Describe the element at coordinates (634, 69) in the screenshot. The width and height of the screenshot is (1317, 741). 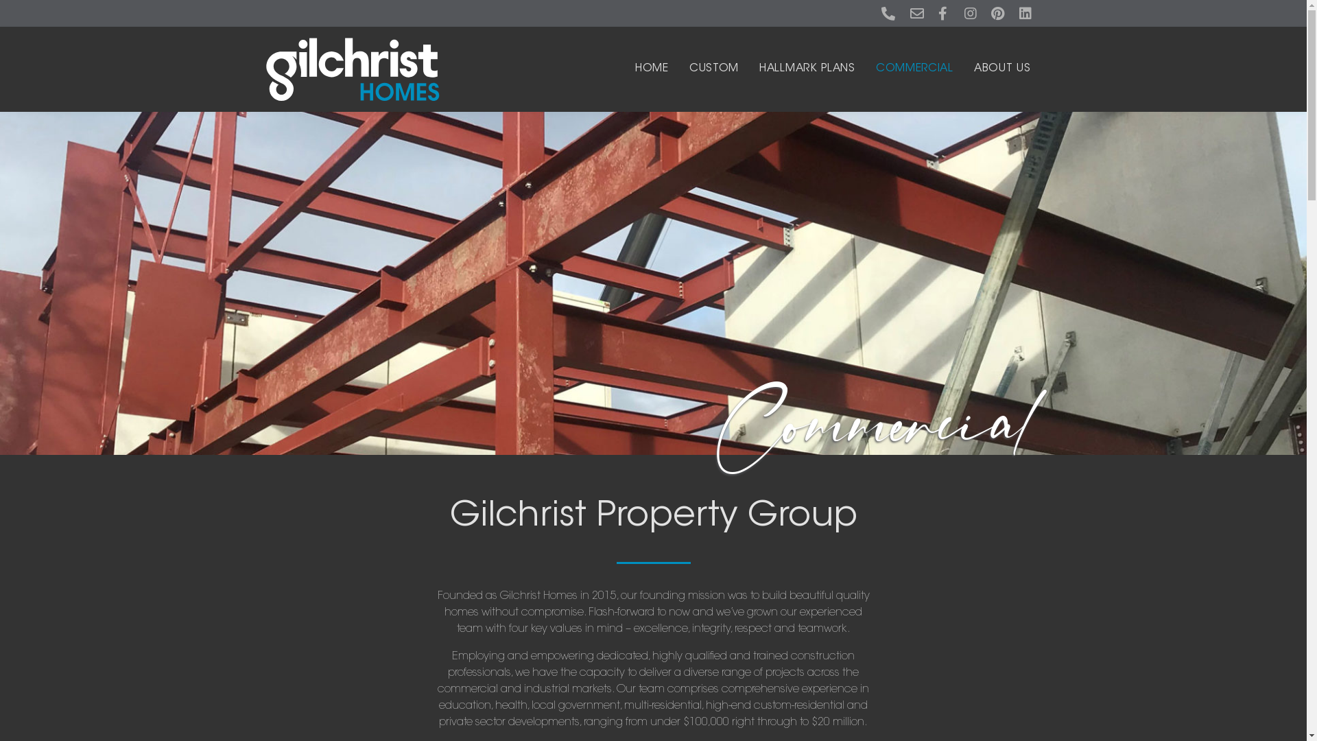
I see `'HOME'` at that location.